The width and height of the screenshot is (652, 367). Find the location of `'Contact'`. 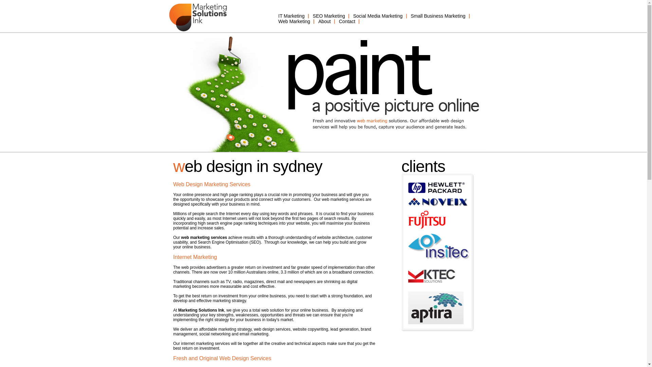

'Contact' is located at coordinates (347, 21).